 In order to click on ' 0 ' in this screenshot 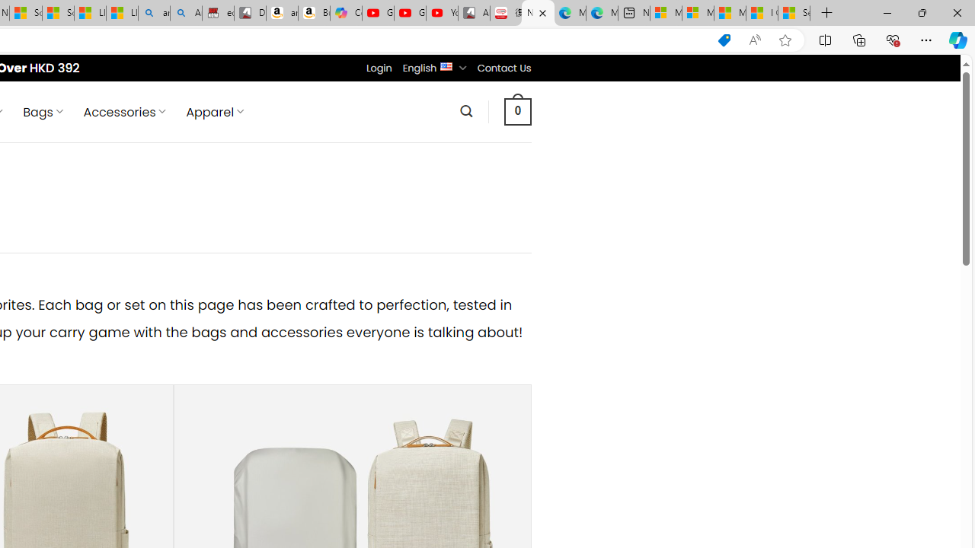, I will do `click(517, 110)`.